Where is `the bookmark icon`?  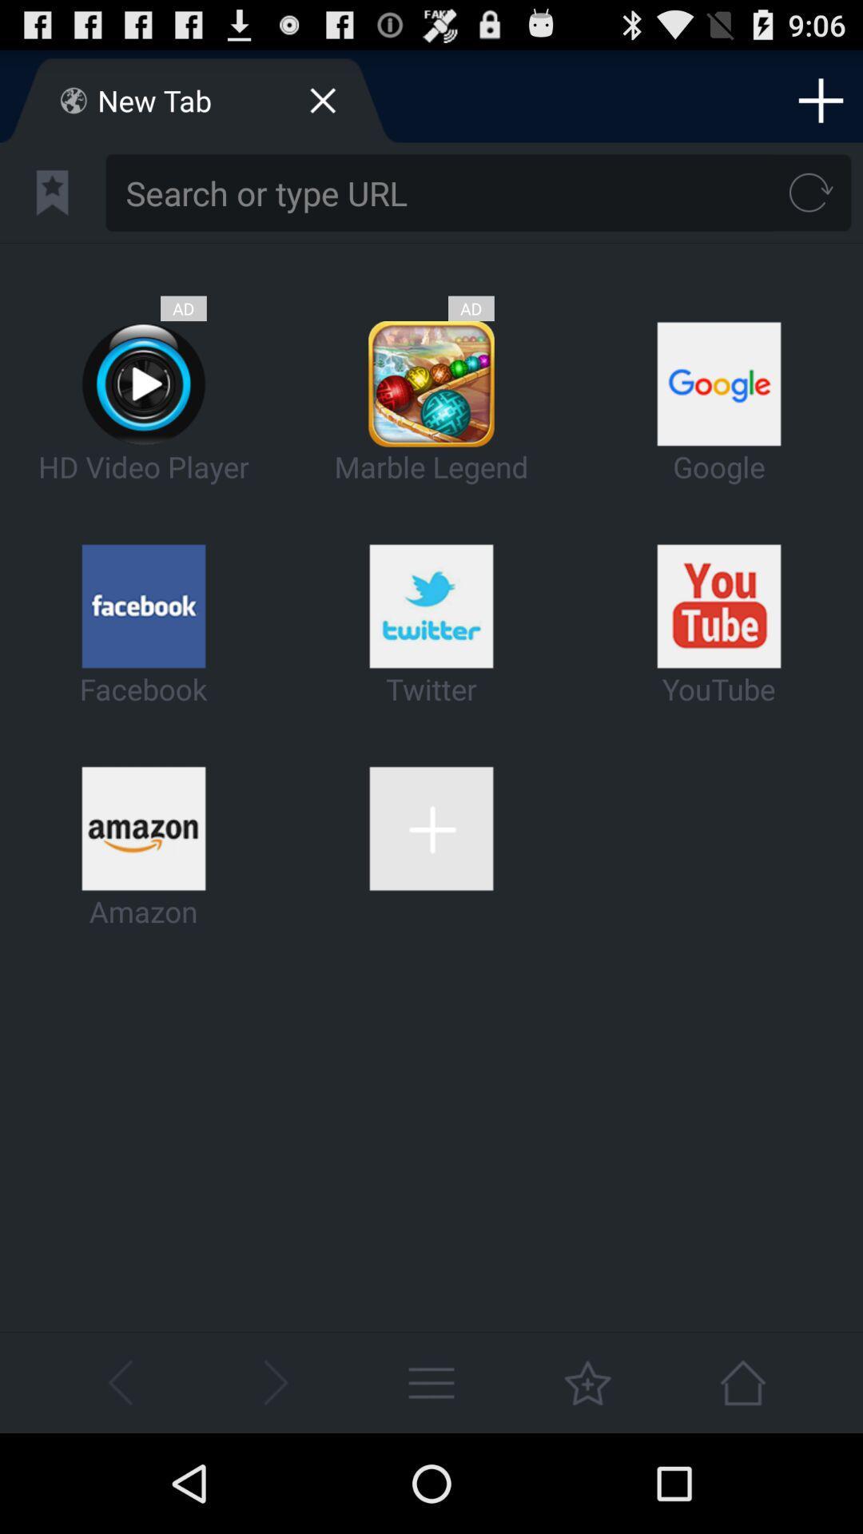 the bookmark icon is located at coordinates (51, 205).